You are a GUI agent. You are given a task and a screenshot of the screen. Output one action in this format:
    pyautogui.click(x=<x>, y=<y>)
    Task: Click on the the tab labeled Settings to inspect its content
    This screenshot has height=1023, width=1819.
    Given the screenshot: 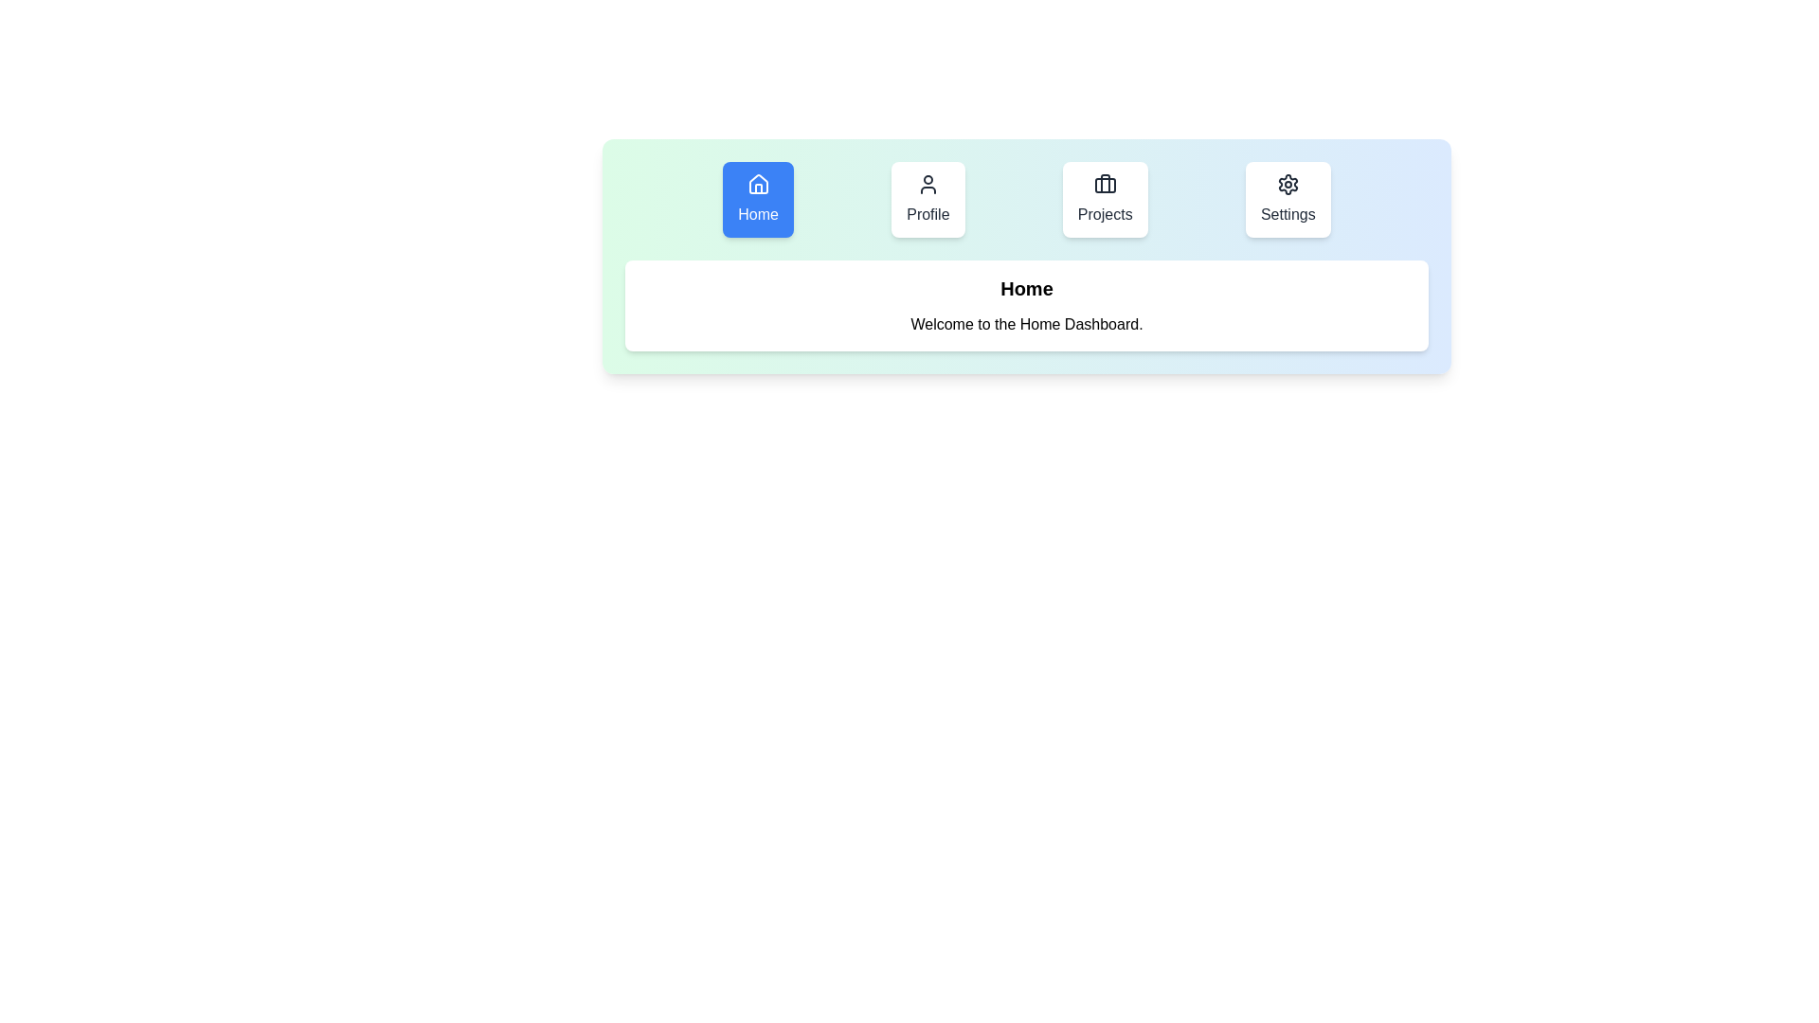 What is the action you would take?
    pyautogui.click(x=1287, y=200)
    